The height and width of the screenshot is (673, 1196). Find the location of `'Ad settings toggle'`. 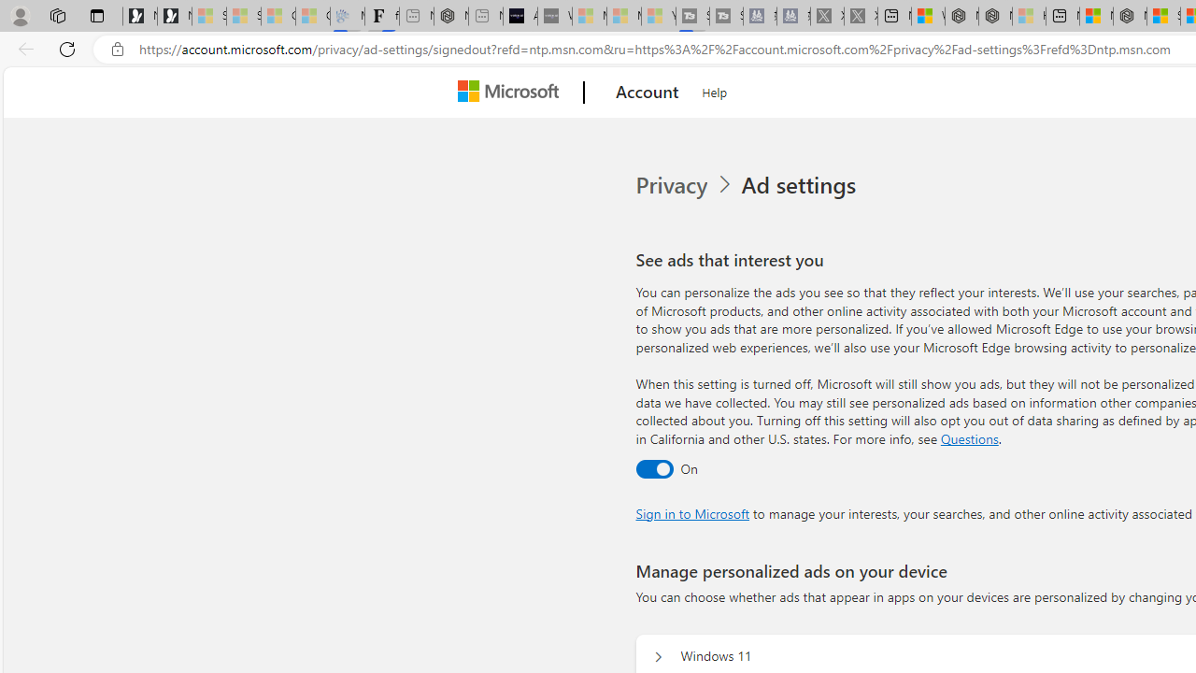

'Ad settings toggle' is located at coordinates (654, 467).